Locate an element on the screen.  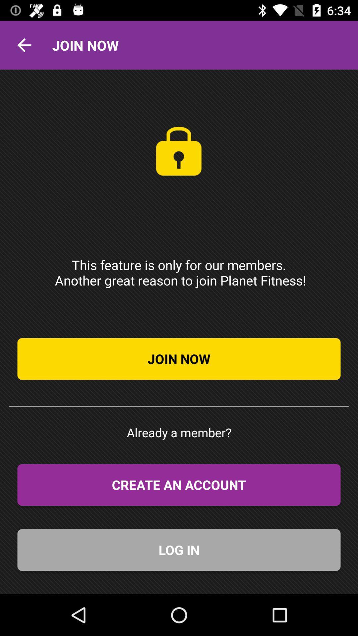
the icon below the already a member? item is located at coordinates (179, 485).